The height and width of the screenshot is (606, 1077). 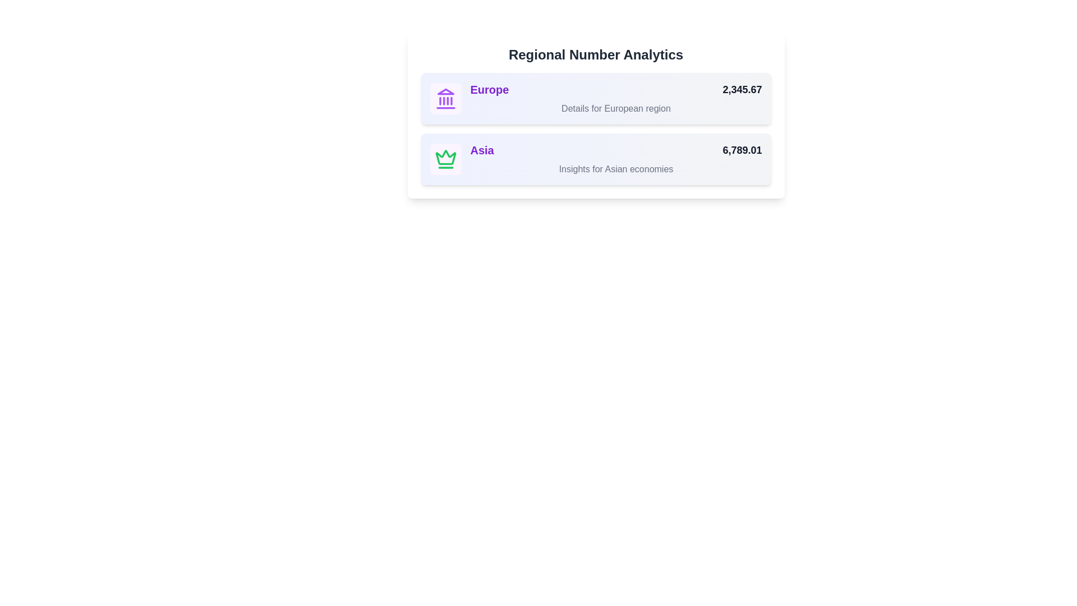 I want to click on the numerical value text display located in the upper right corner of the European region's data box, adjacent to the text 'Europe', so click(x=742, y=89).